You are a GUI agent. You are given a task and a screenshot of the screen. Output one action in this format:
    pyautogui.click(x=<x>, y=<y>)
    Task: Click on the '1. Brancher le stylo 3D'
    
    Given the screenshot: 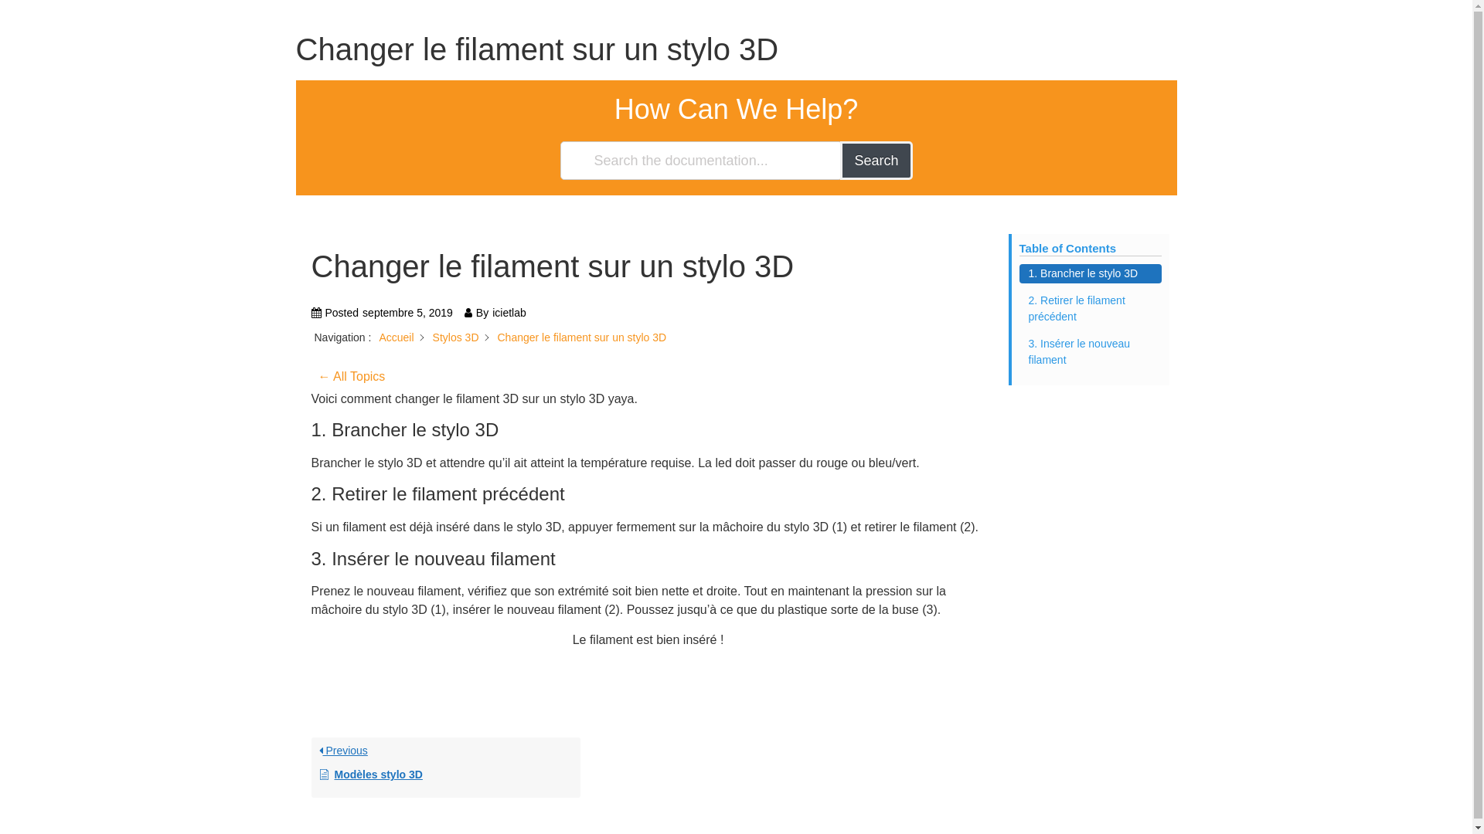 What is the action you would take?
    pyautogui.click(x=1089, y=273)
    